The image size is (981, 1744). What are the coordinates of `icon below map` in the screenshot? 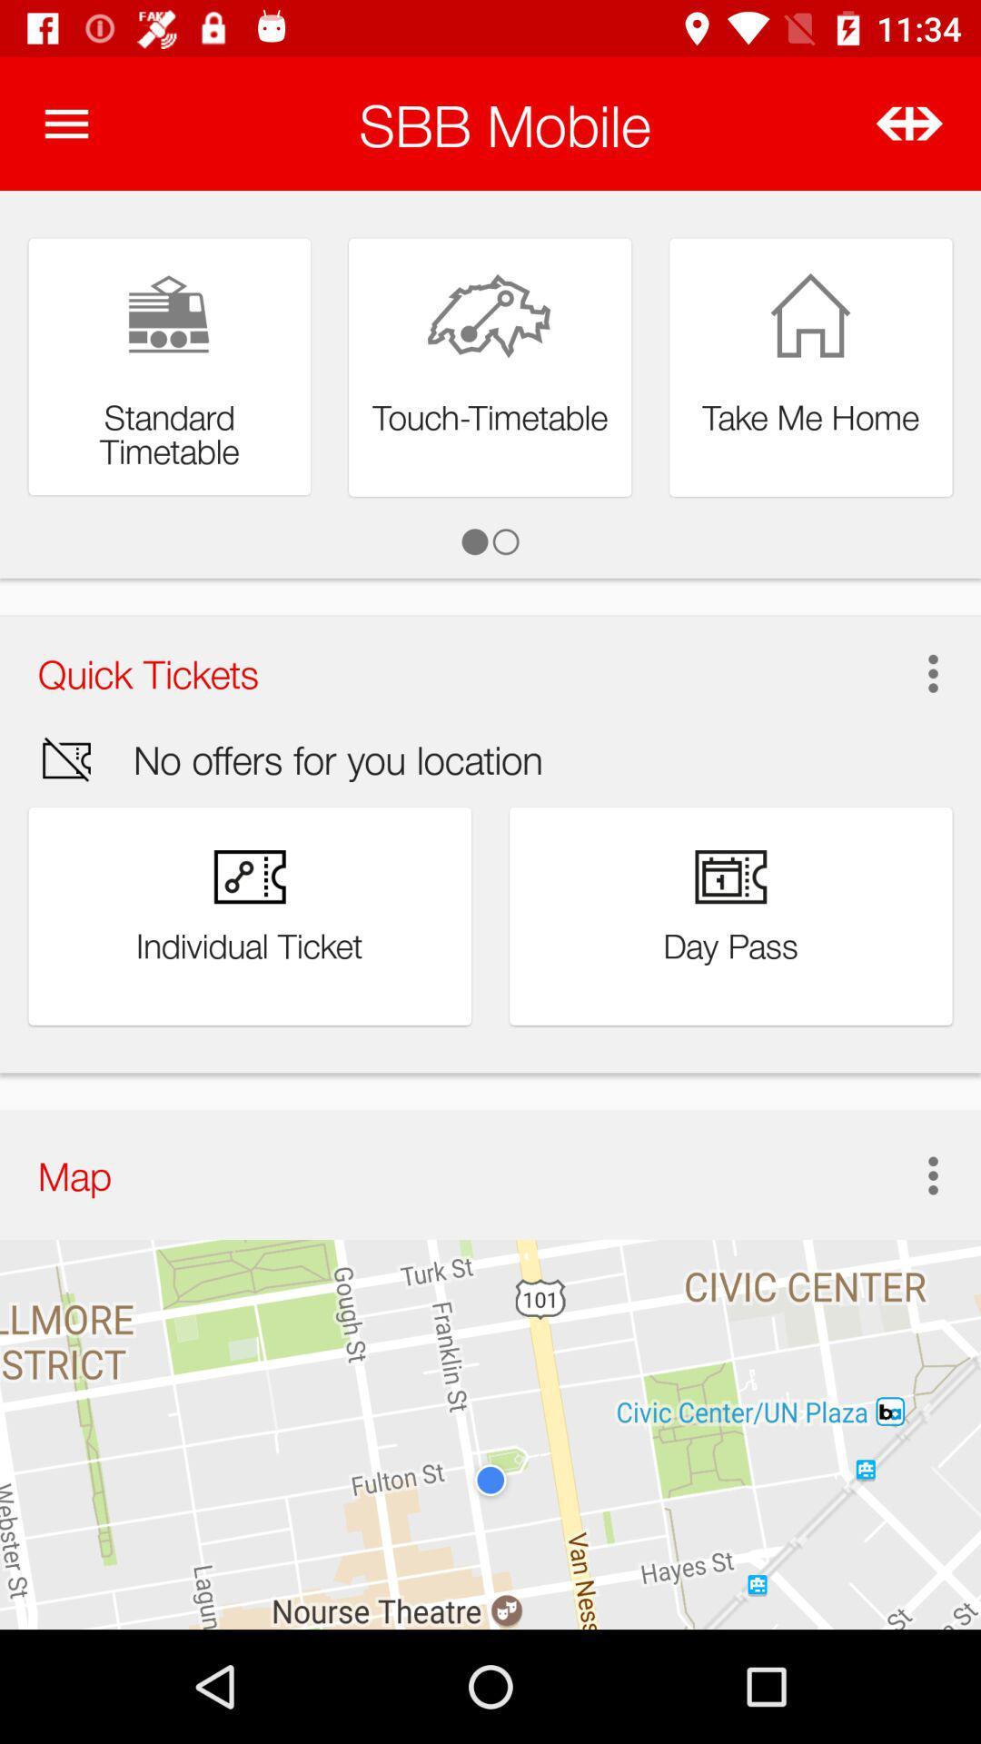 It's located at (490, 1433).